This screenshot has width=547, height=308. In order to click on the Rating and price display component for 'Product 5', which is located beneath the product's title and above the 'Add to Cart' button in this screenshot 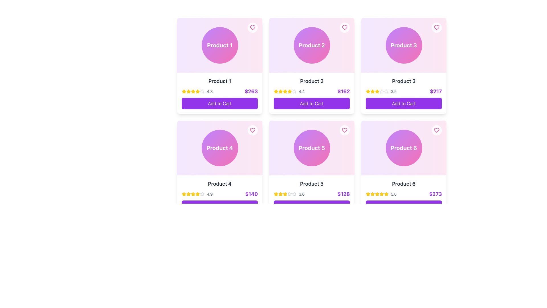, I will do `click(311, 194)`.